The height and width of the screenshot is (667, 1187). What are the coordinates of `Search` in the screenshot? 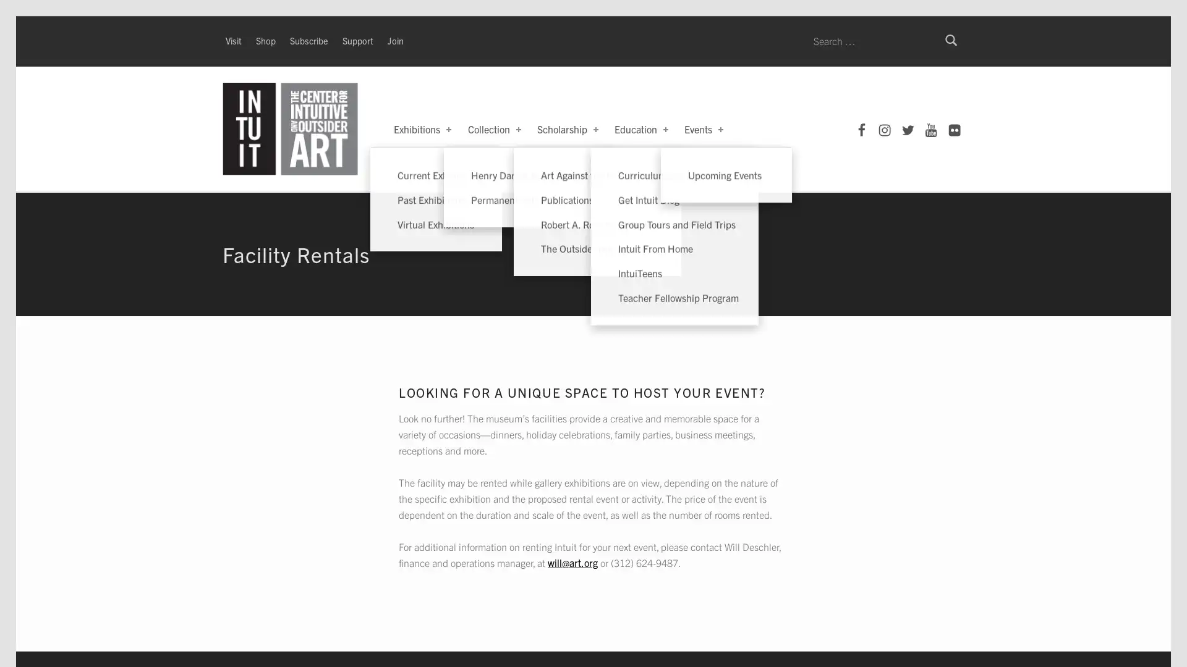 It's located at (950, 33).